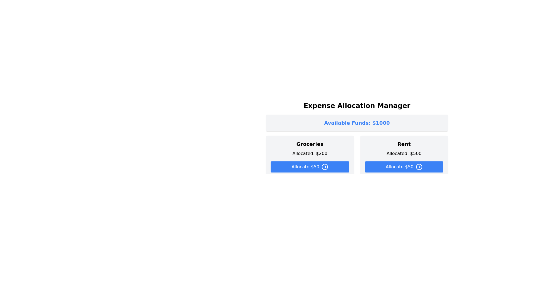  What do you see at coordinates (325, 167) in the screenshot?
I see `the circular indicator element located within the 'Allocate $50' button under 'Groceries', positioned towards the bottom-right of the button` at bounding box center [325, 167].